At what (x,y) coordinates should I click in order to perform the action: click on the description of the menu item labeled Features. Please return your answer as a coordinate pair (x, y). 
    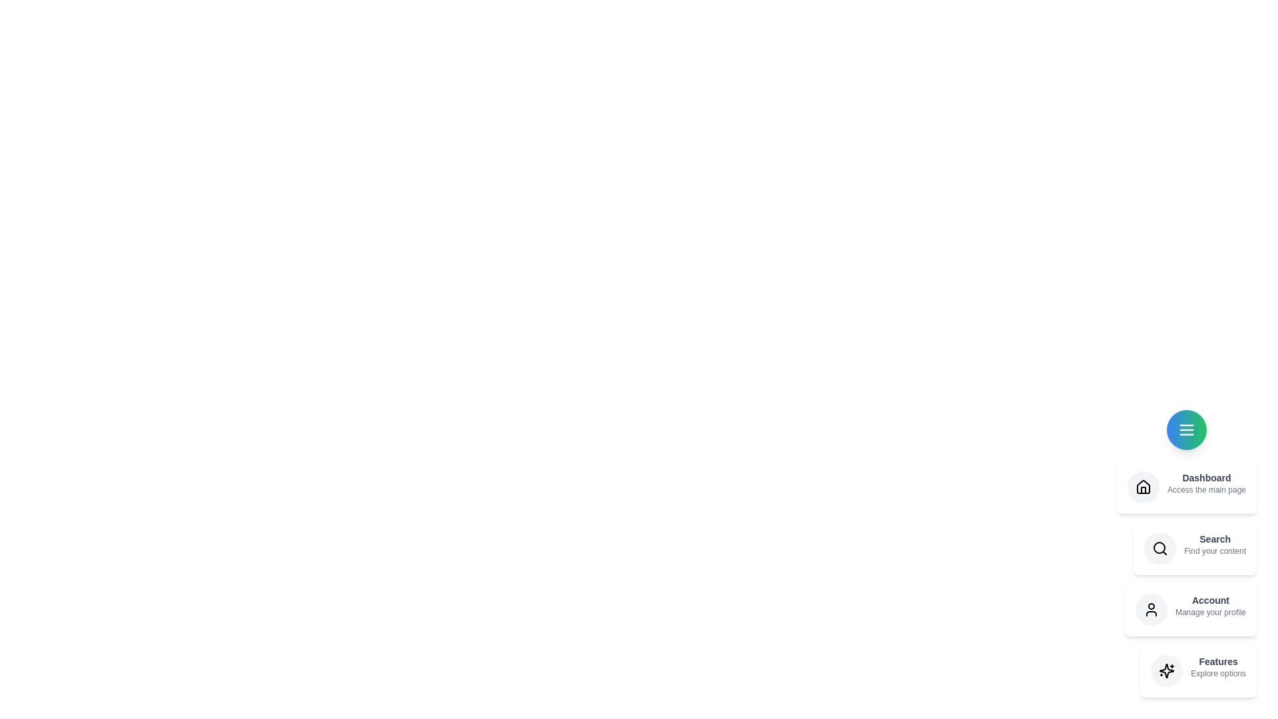
    Looking at the image, I should click on (1218, 667).